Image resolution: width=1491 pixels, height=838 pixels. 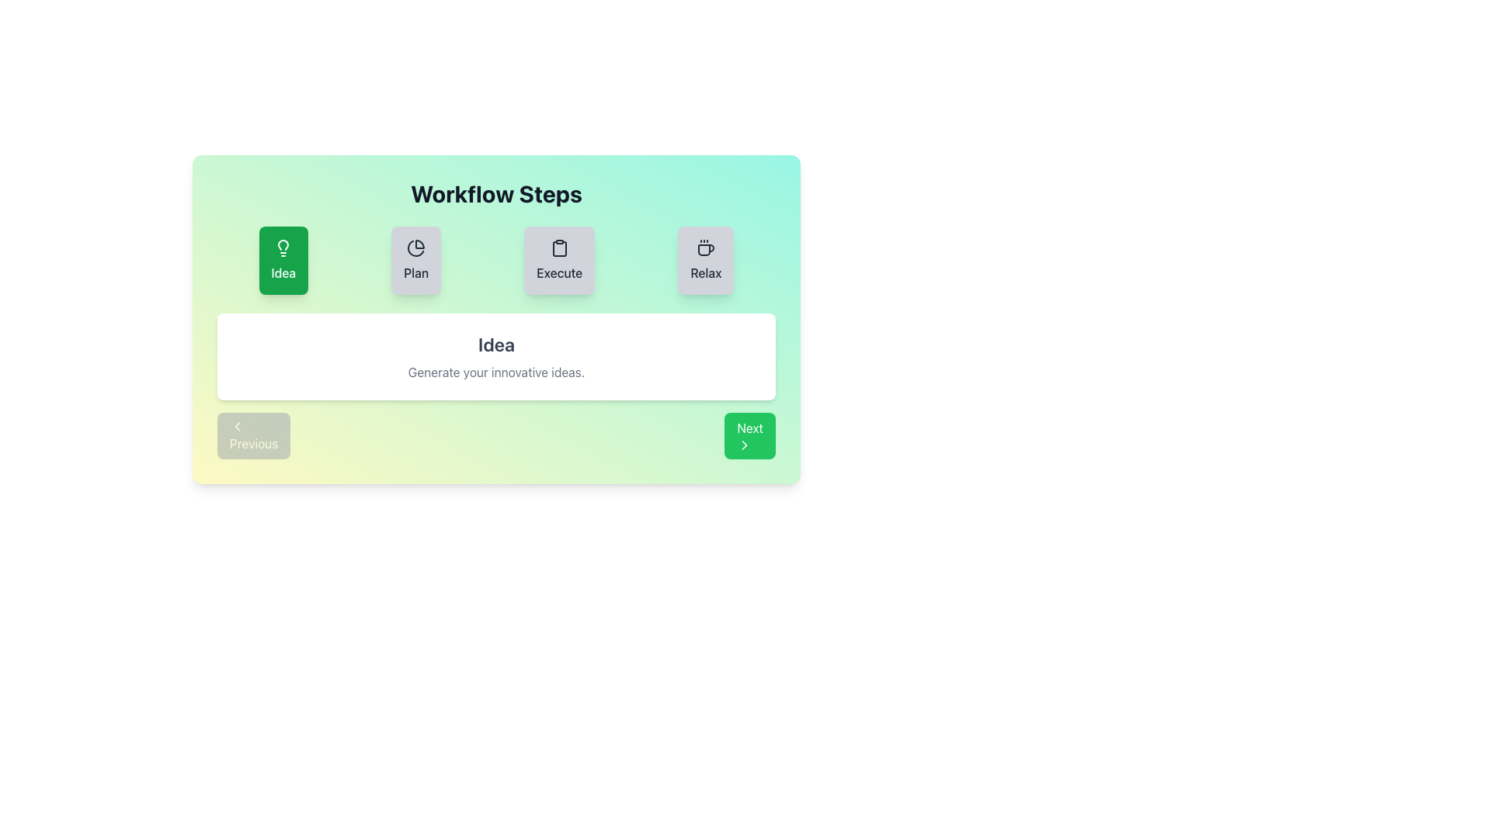 I want to click on the visual design of the navigation icon located to the right of the green 'Next' button in the bottom-right part of the interface, so click(x=744, y=445).